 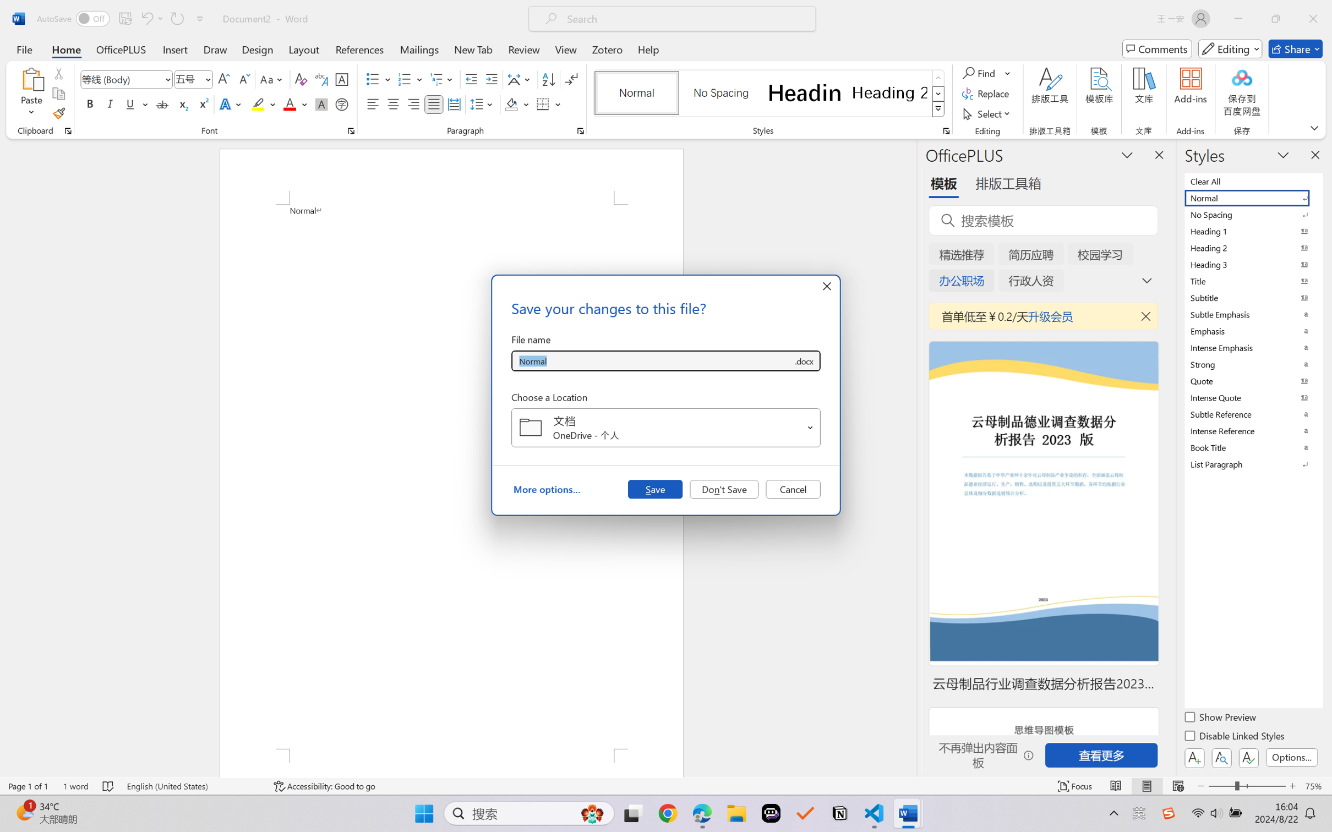 I want to click on 'Comments', so click(x=1157, y=48).